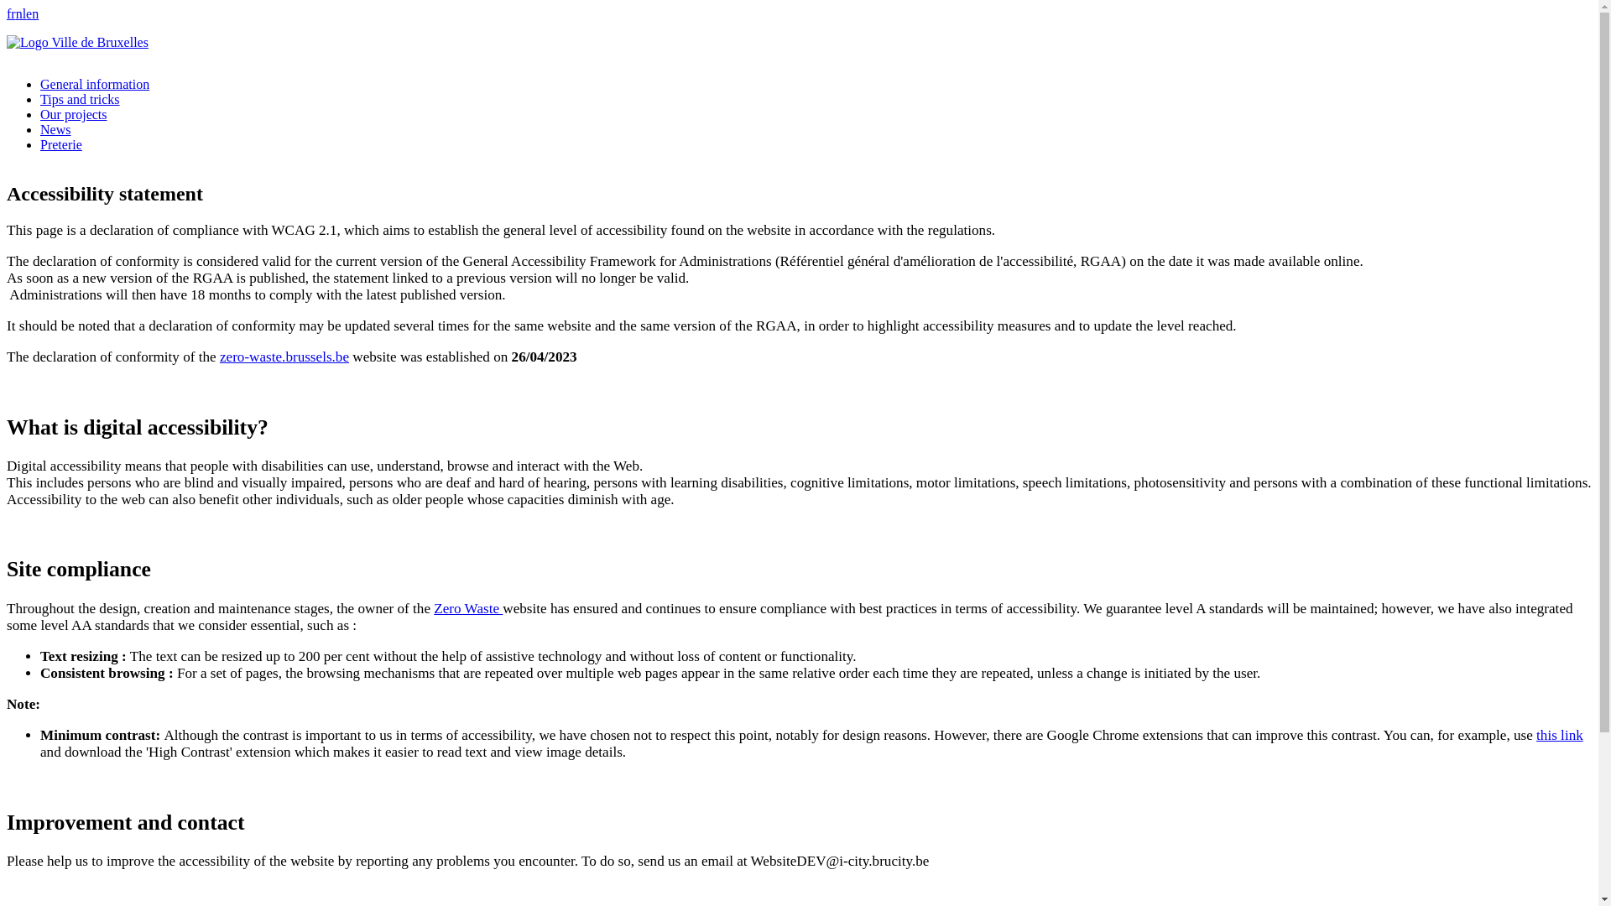 The height and width of the screenshot is (906, 1611). What do you see at coordinates (1558, 734) in the screenshot?
I see `'this link'` at bounding box center [1558, 734].